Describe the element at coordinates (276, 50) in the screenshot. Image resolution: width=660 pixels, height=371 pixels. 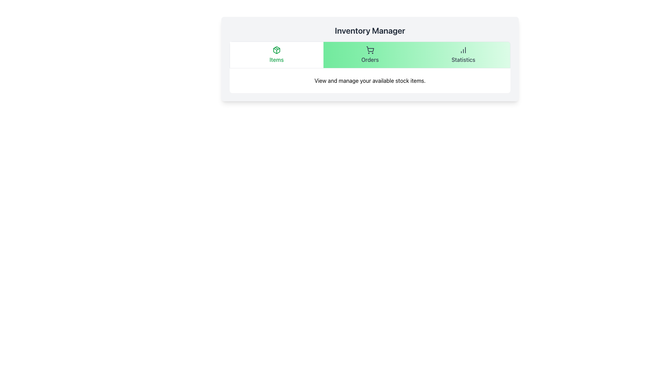
I see `the 'Items' icon located above the text label 'Items'` at that location.